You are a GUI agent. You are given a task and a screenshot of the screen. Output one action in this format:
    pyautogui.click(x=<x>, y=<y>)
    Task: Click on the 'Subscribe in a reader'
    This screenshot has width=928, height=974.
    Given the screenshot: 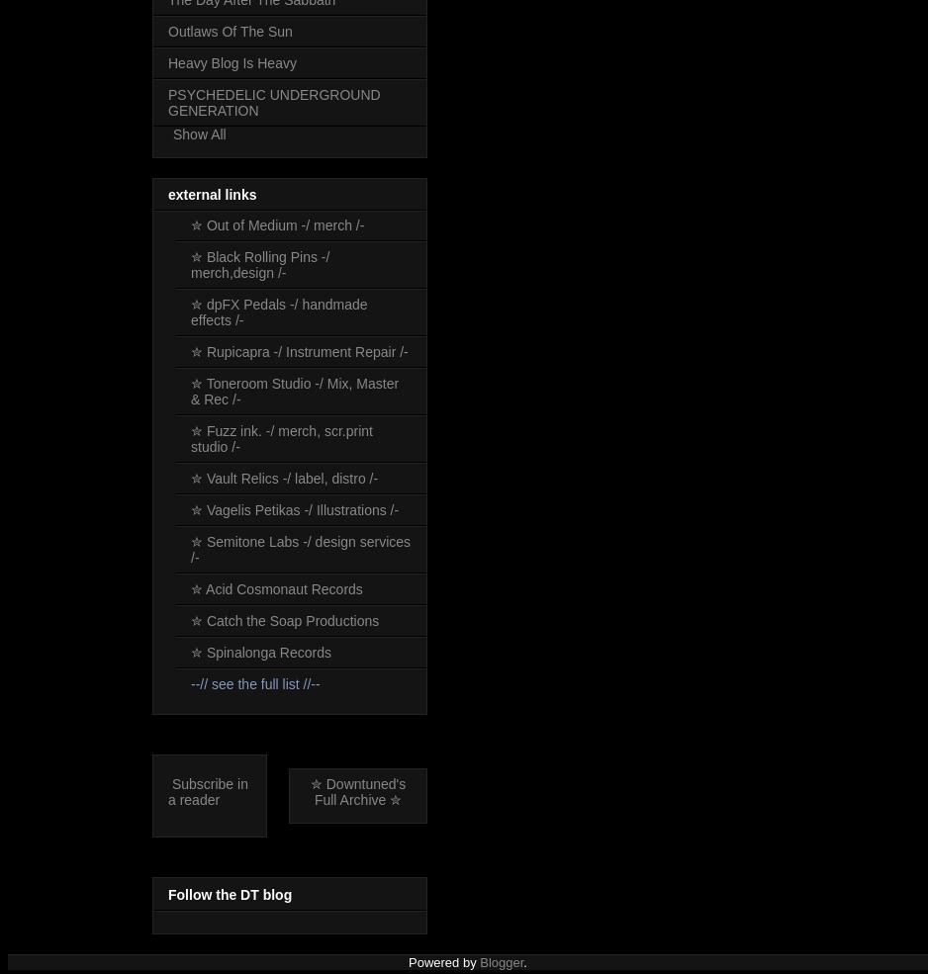 What is the action you would take?
    pyautogui.click(x=208, y=791)
    